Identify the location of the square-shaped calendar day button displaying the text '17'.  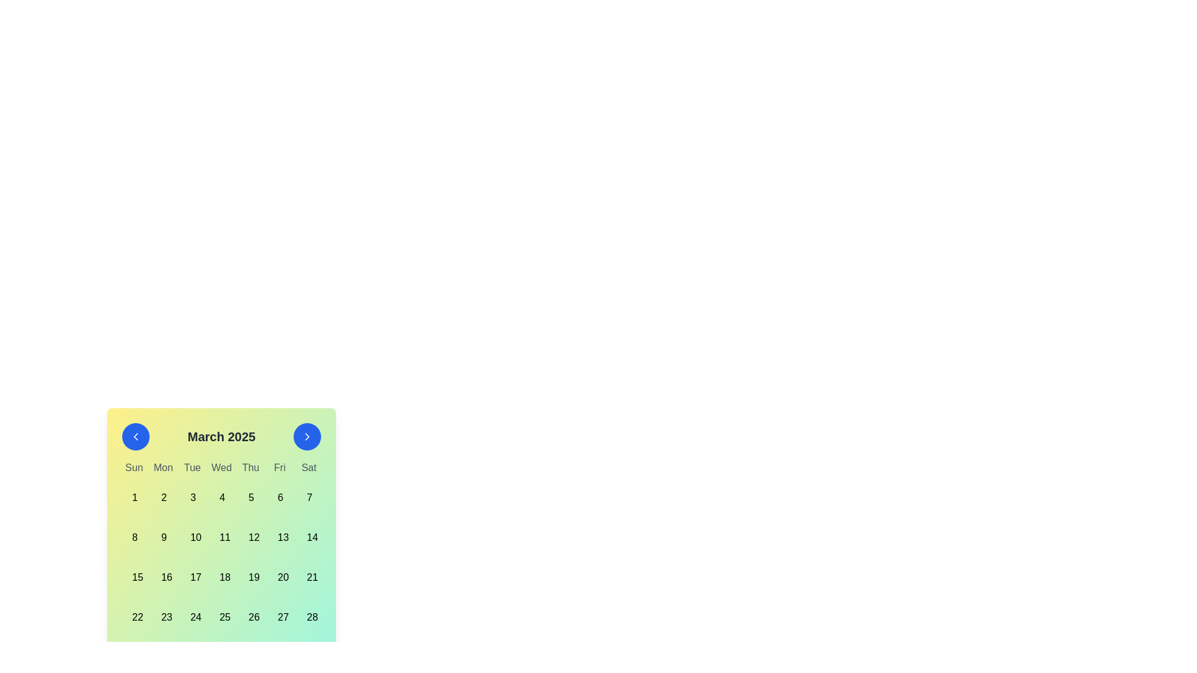
(191, 577).